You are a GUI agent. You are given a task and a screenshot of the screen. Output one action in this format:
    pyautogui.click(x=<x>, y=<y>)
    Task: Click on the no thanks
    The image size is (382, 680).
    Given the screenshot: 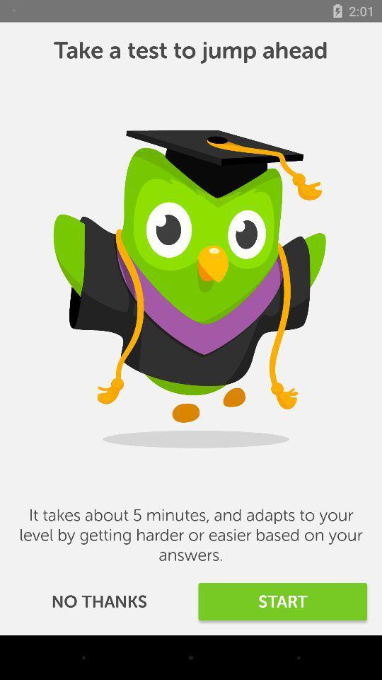 What is the action you would take?
    pyautogui.click(x=98, y=601)
    